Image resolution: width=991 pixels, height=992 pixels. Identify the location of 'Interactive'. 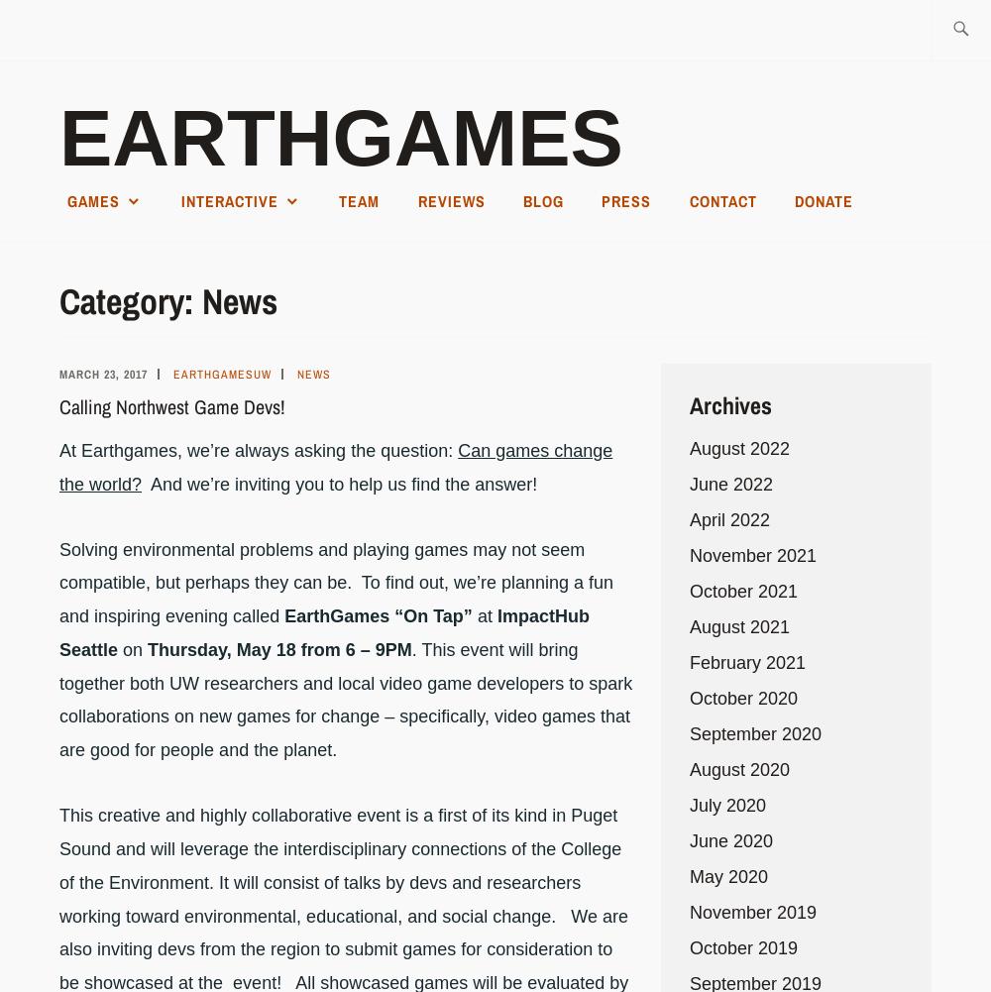
(180, 200).